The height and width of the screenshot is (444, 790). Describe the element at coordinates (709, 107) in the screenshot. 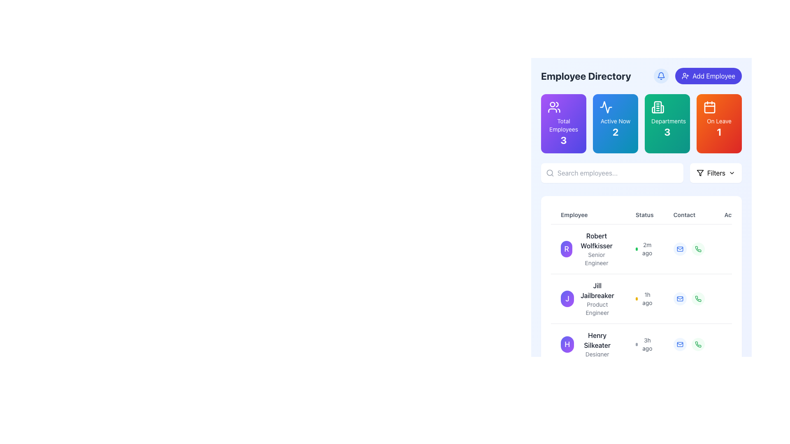

I see `the 'On Leave' icon located in the fourth card from the left in the row of status cards at the top of the interface` at that location.